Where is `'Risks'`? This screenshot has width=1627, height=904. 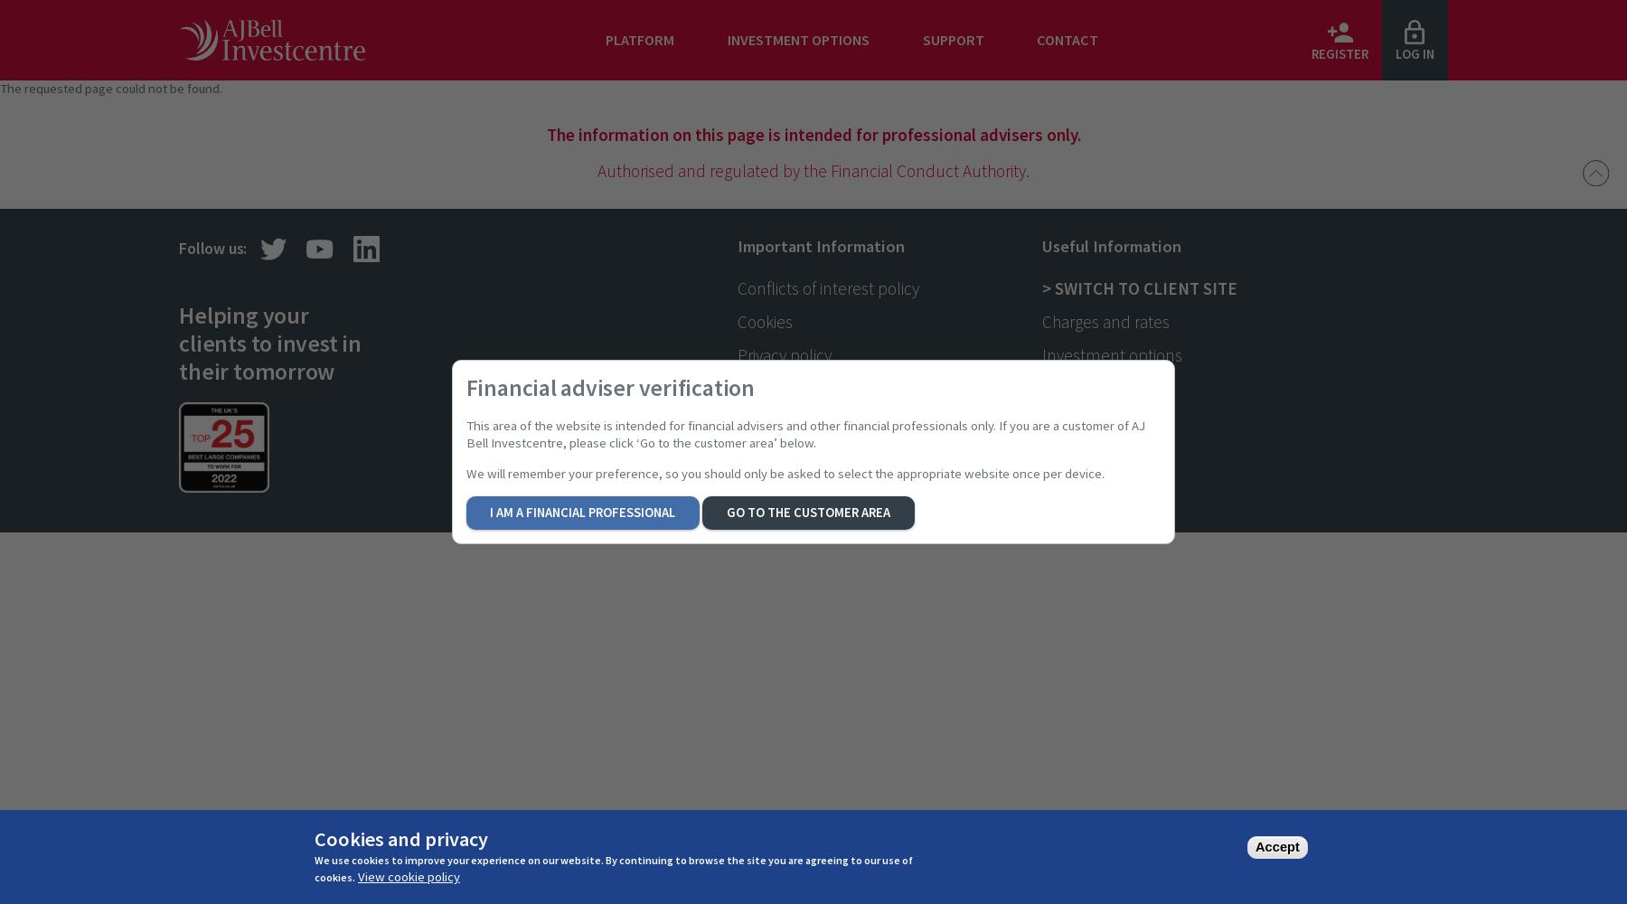
'Risks' is located at coordinates (737, 420).